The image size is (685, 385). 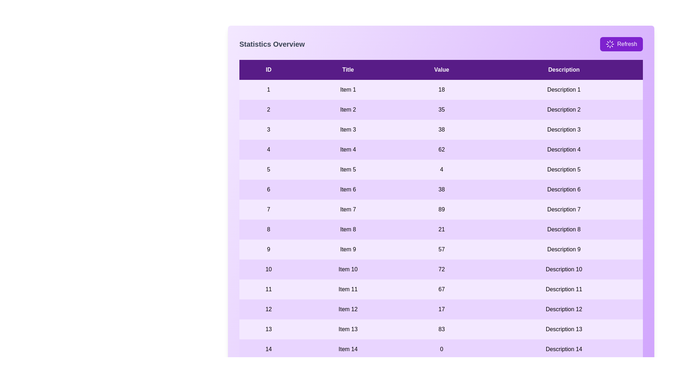 I want to click on the 'Refresh' button to reload the data, so click(x=621, y=44).